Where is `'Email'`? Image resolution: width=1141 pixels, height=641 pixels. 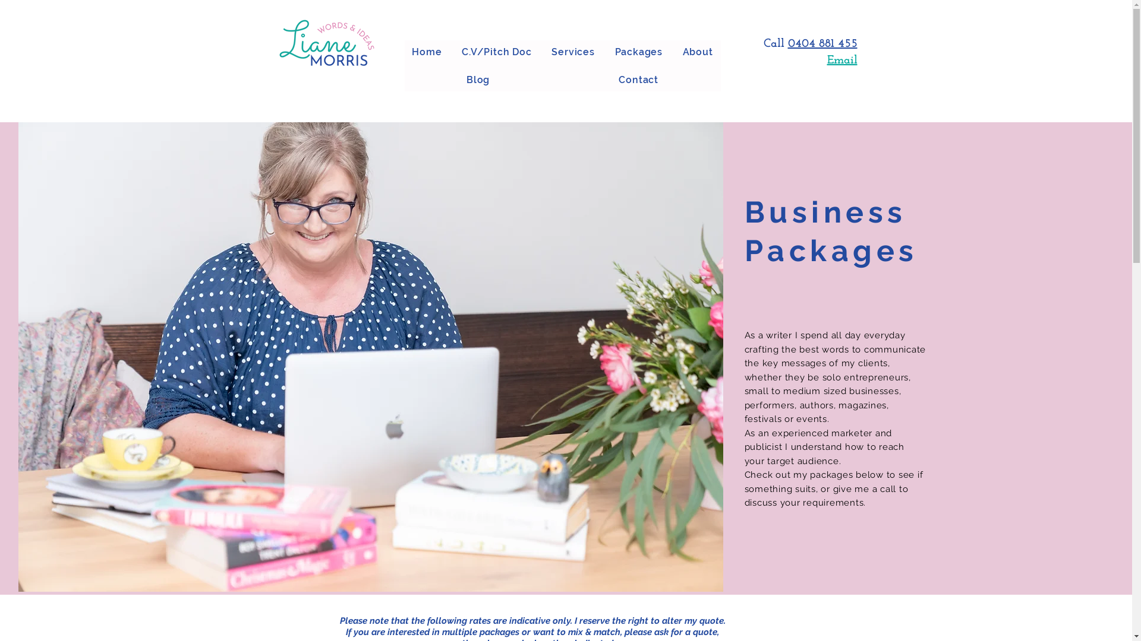 'Email' is located at coordinates (841, 59).